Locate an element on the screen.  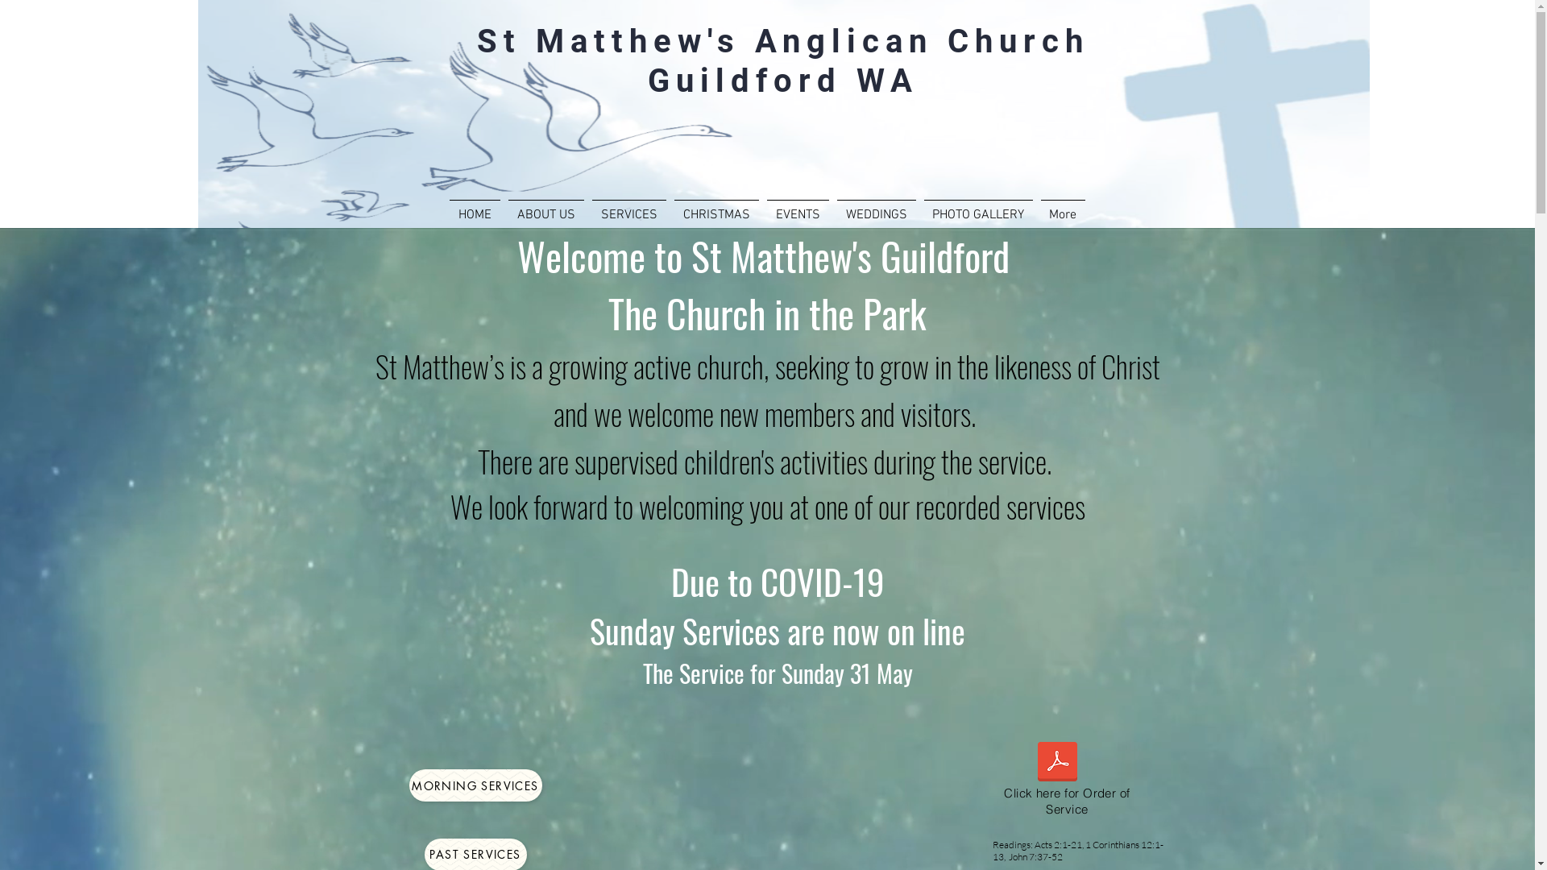
'ABOUT US' is located at coordinates (545, 207).